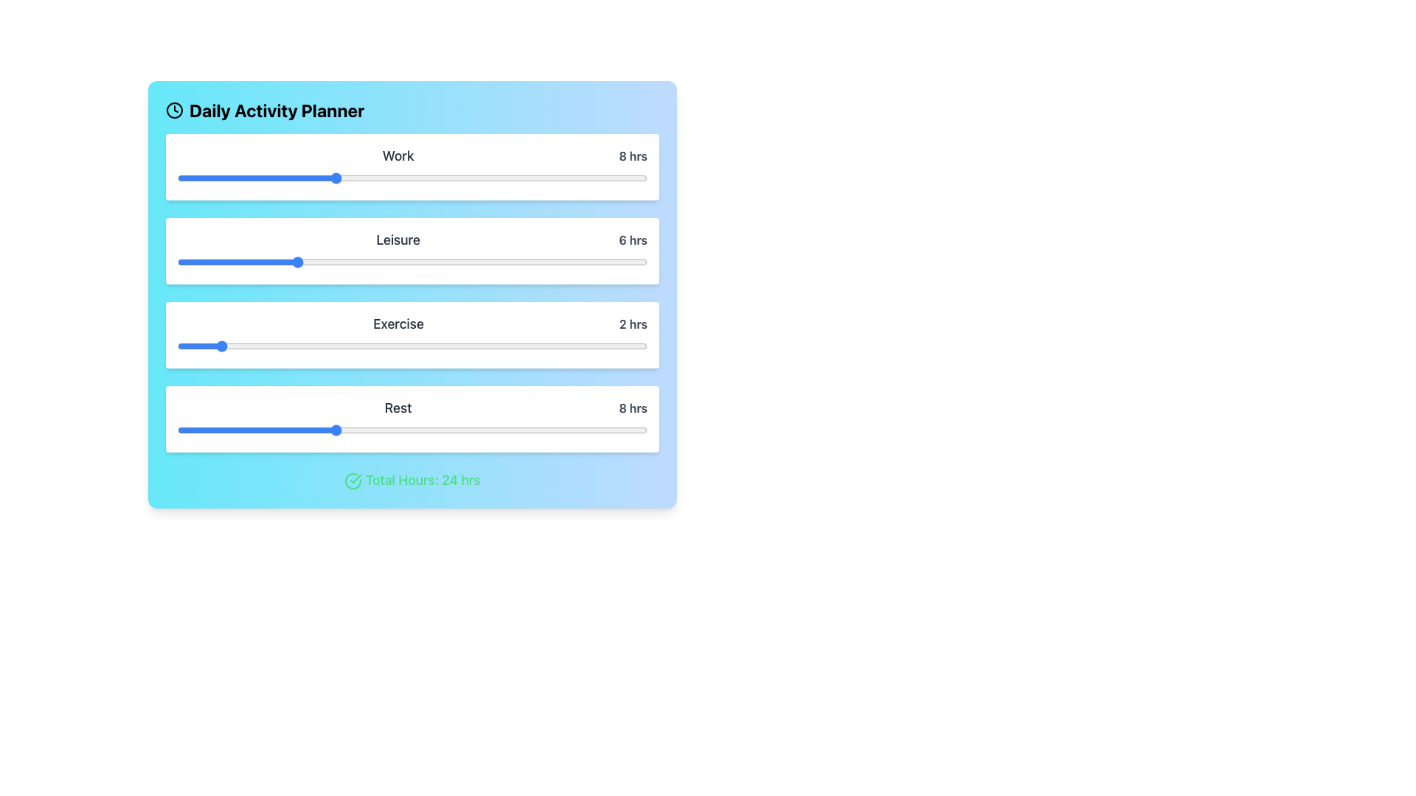 The image size is (1416, 796). What do you see at coordinates (275, 261) in the screenshot?
I see `leisure hours` at bounding box center [275, 261].